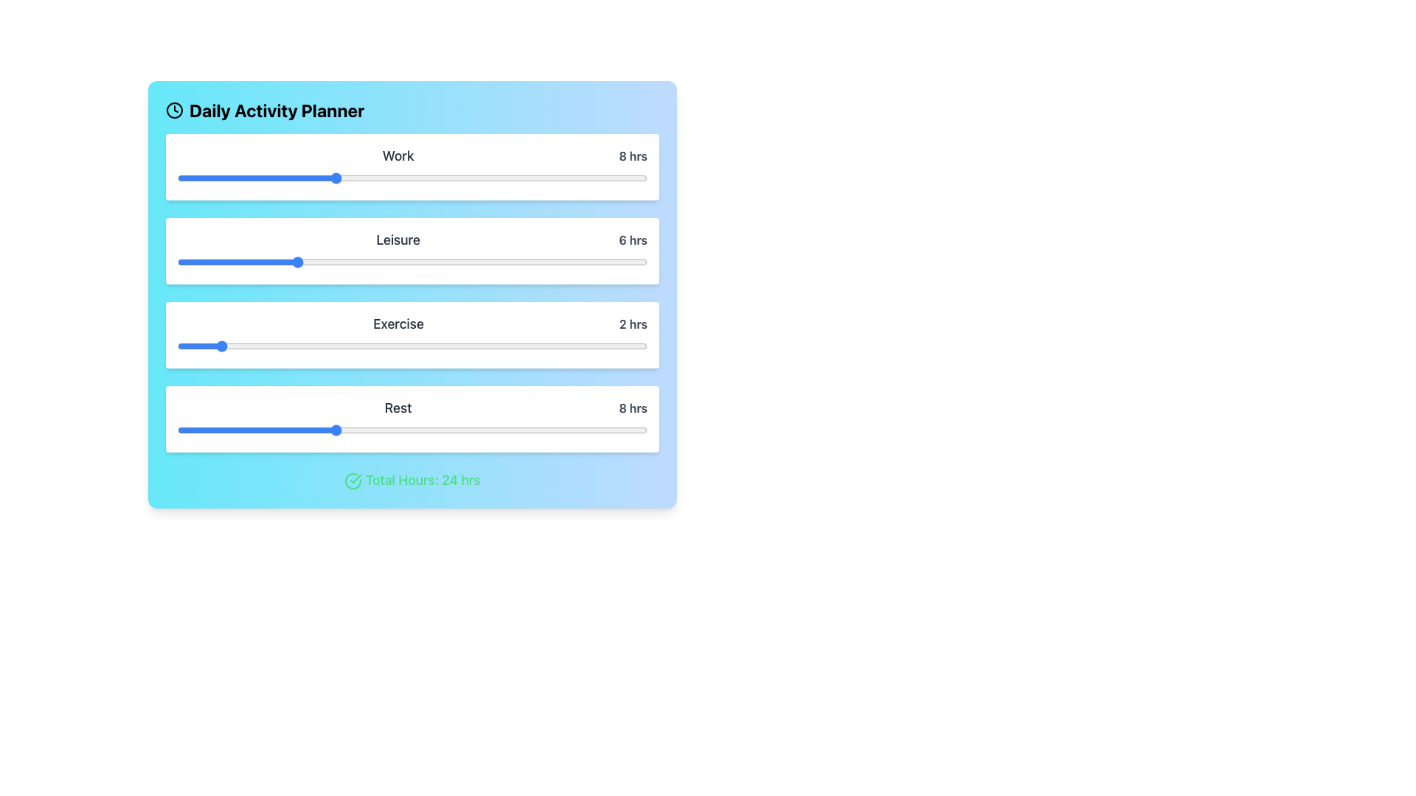 The image size is (1416, 796). What do you see at coordinates (275, 261) in the screenshot?
I see `leisure hours` at bounding box center [275, 261].